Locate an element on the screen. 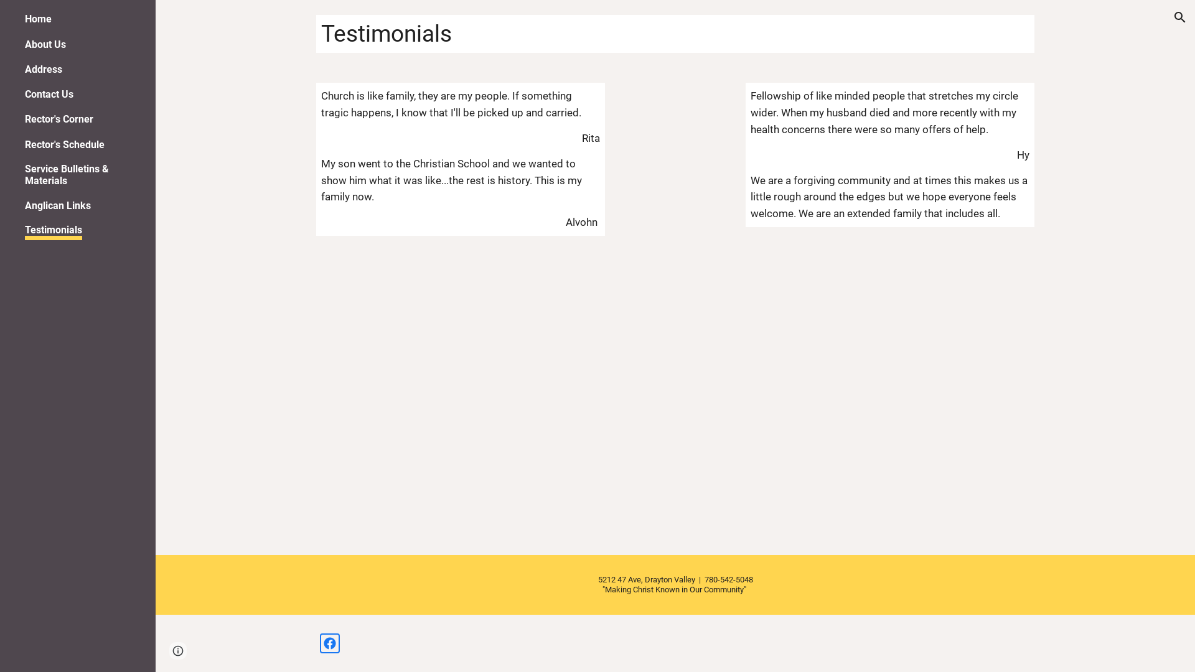 This screenshot has height=672, width=1195. 'Anglican Links' is located at coordinates (57, 205).